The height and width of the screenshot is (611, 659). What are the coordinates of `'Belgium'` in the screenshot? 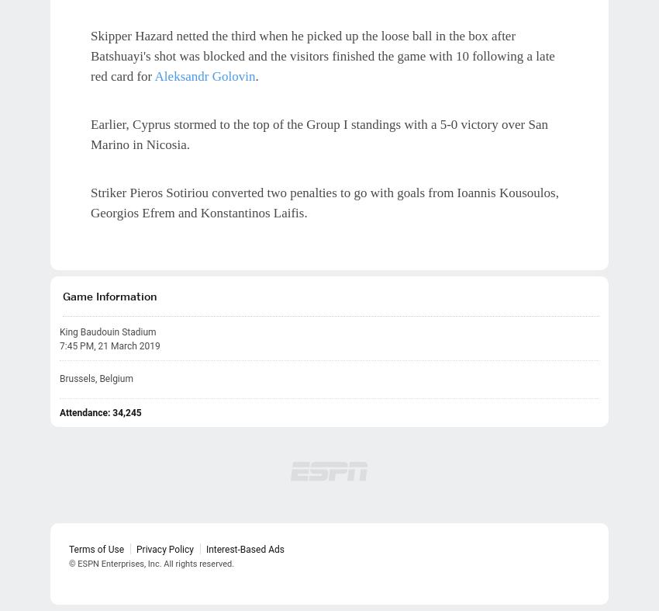 It's located at (116, 377).